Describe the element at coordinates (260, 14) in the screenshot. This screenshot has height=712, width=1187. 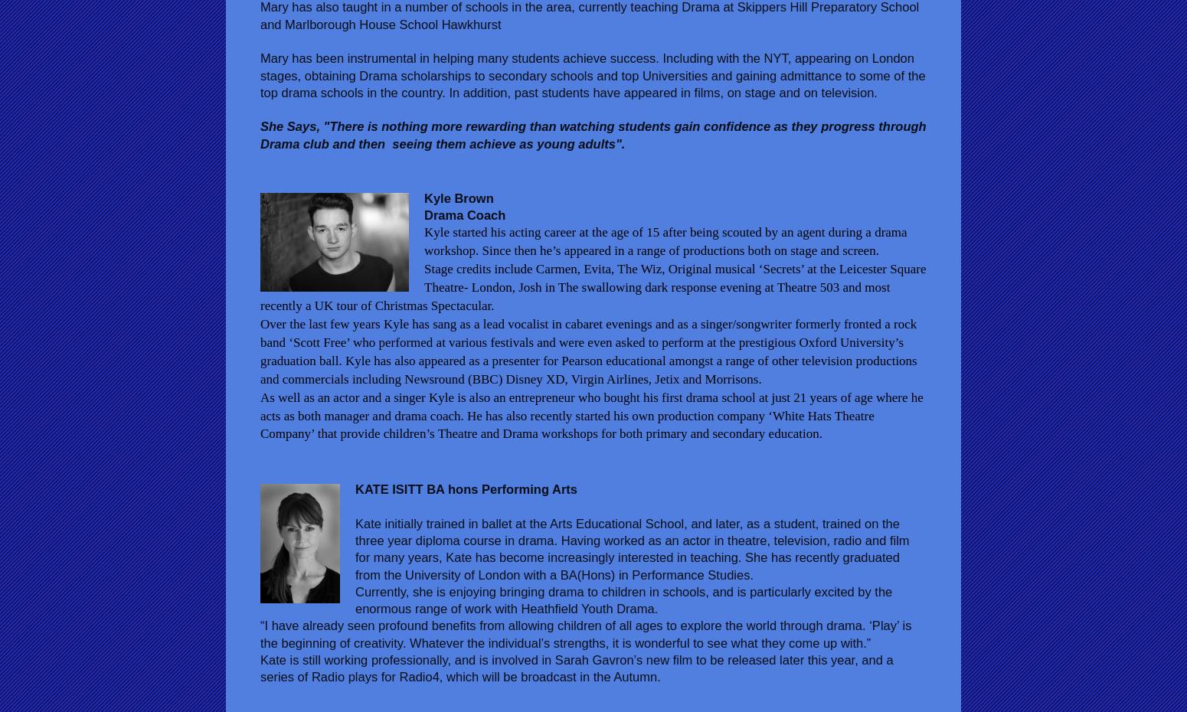
I see `'Mary has also taught in a number of schools in the area, currently teaching Drama at Skippers Hill Preparatory School and Marlborough House School Hawkhurst'` at that location.